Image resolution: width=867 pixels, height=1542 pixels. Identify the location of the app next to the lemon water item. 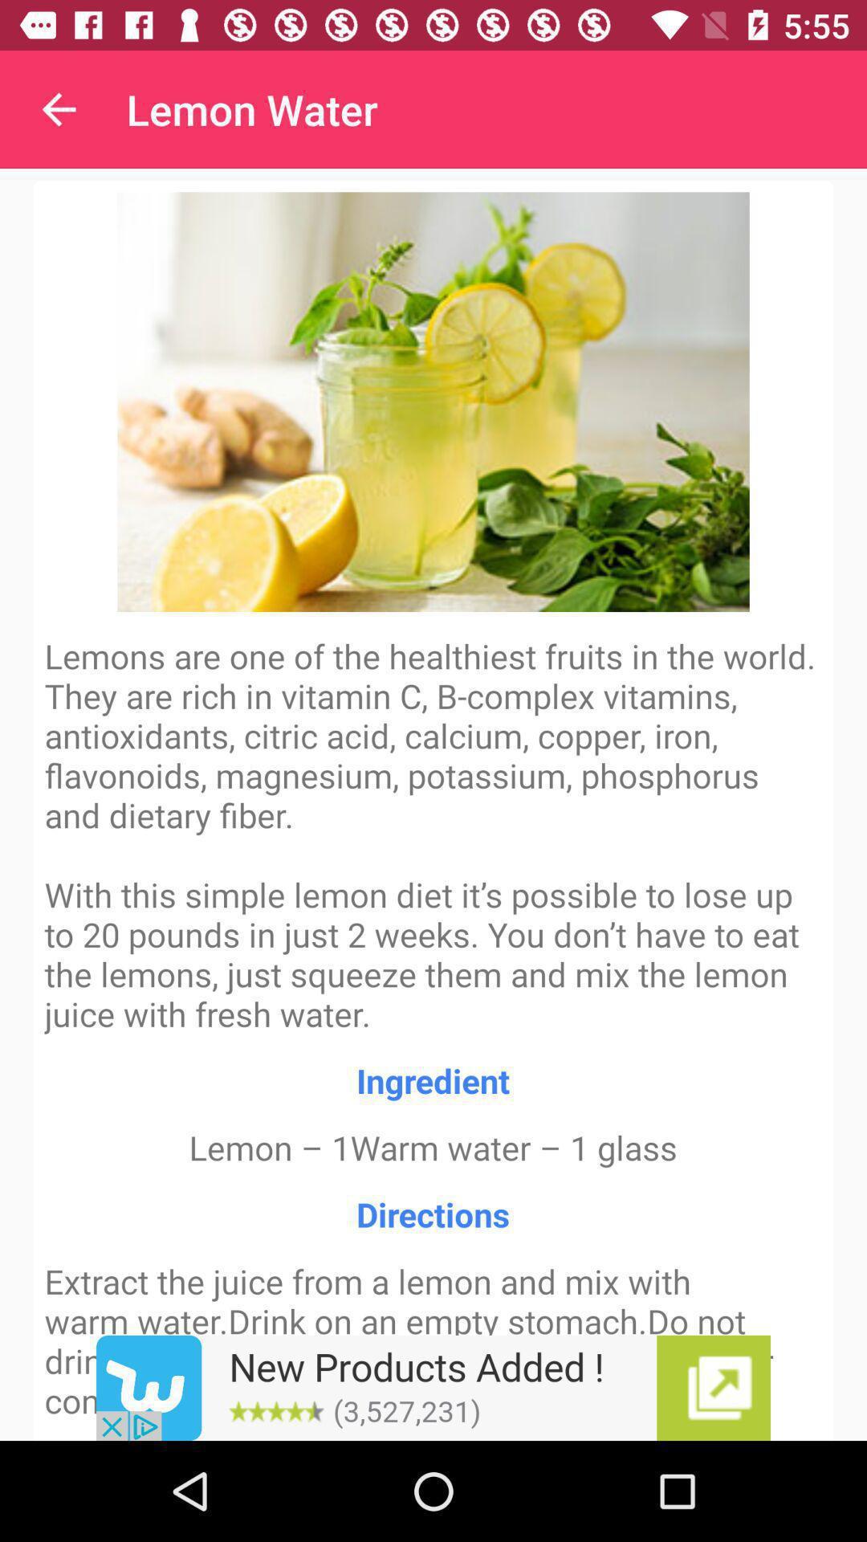
(58, 108).